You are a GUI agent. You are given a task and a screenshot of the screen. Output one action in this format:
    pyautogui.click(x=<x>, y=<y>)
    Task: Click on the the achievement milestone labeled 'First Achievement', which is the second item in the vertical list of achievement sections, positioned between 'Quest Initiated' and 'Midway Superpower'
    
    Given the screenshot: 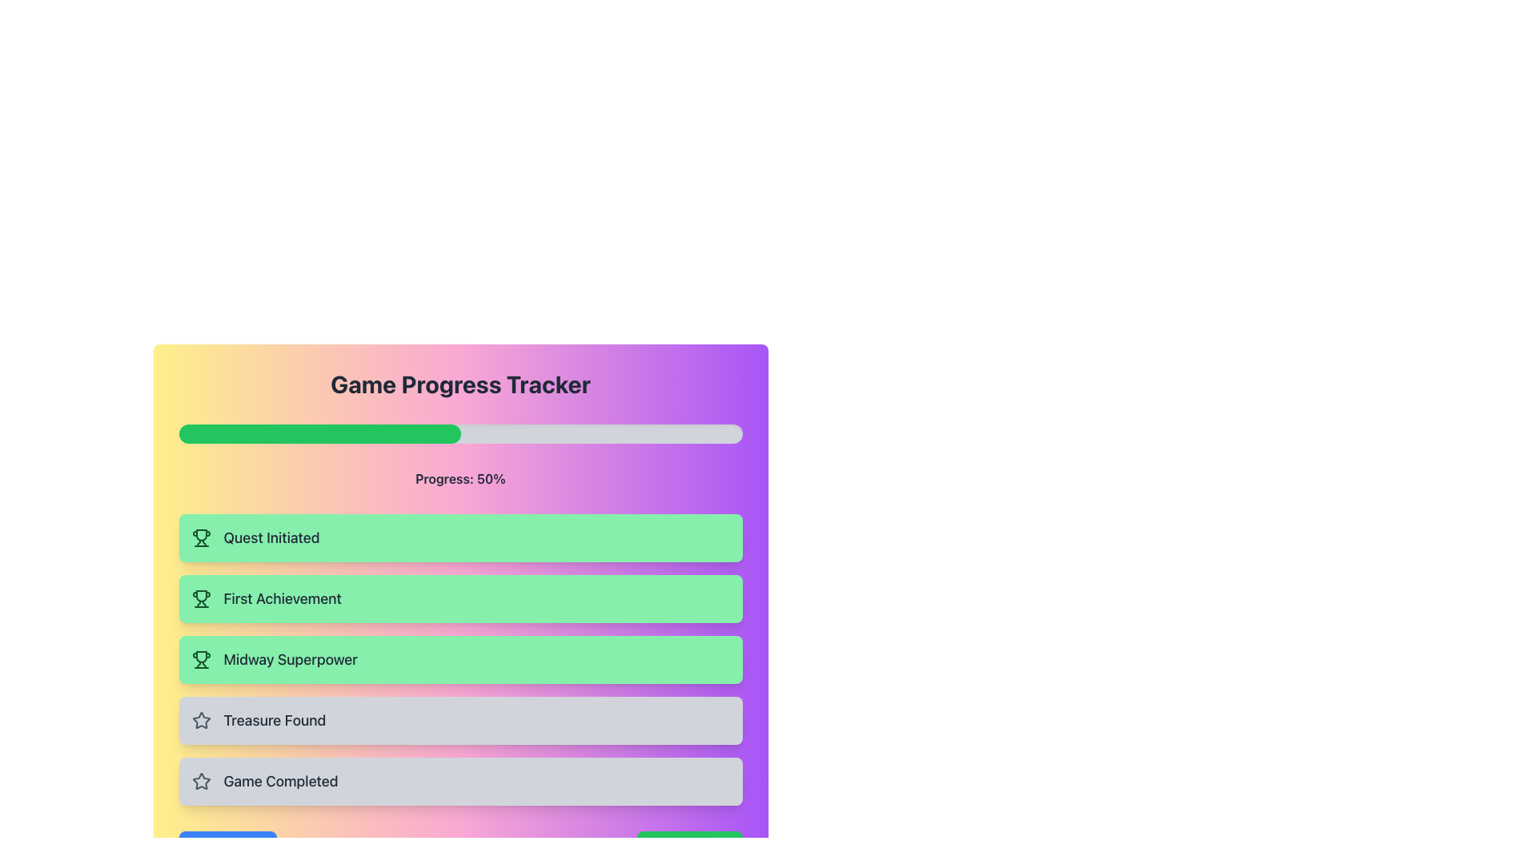 What is the action you would take?
    pyautogui.click(x=459, y=599)
    